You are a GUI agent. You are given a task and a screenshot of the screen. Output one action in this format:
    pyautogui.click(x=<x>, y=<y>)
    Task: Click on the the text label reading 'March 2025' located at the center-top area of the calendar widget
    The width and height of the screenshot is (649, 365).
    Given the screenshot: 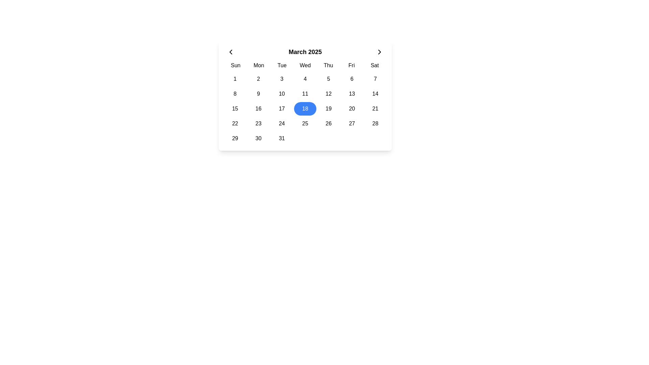 What is the action you would take?
    pyautogui.click(x=305, y=52)
    